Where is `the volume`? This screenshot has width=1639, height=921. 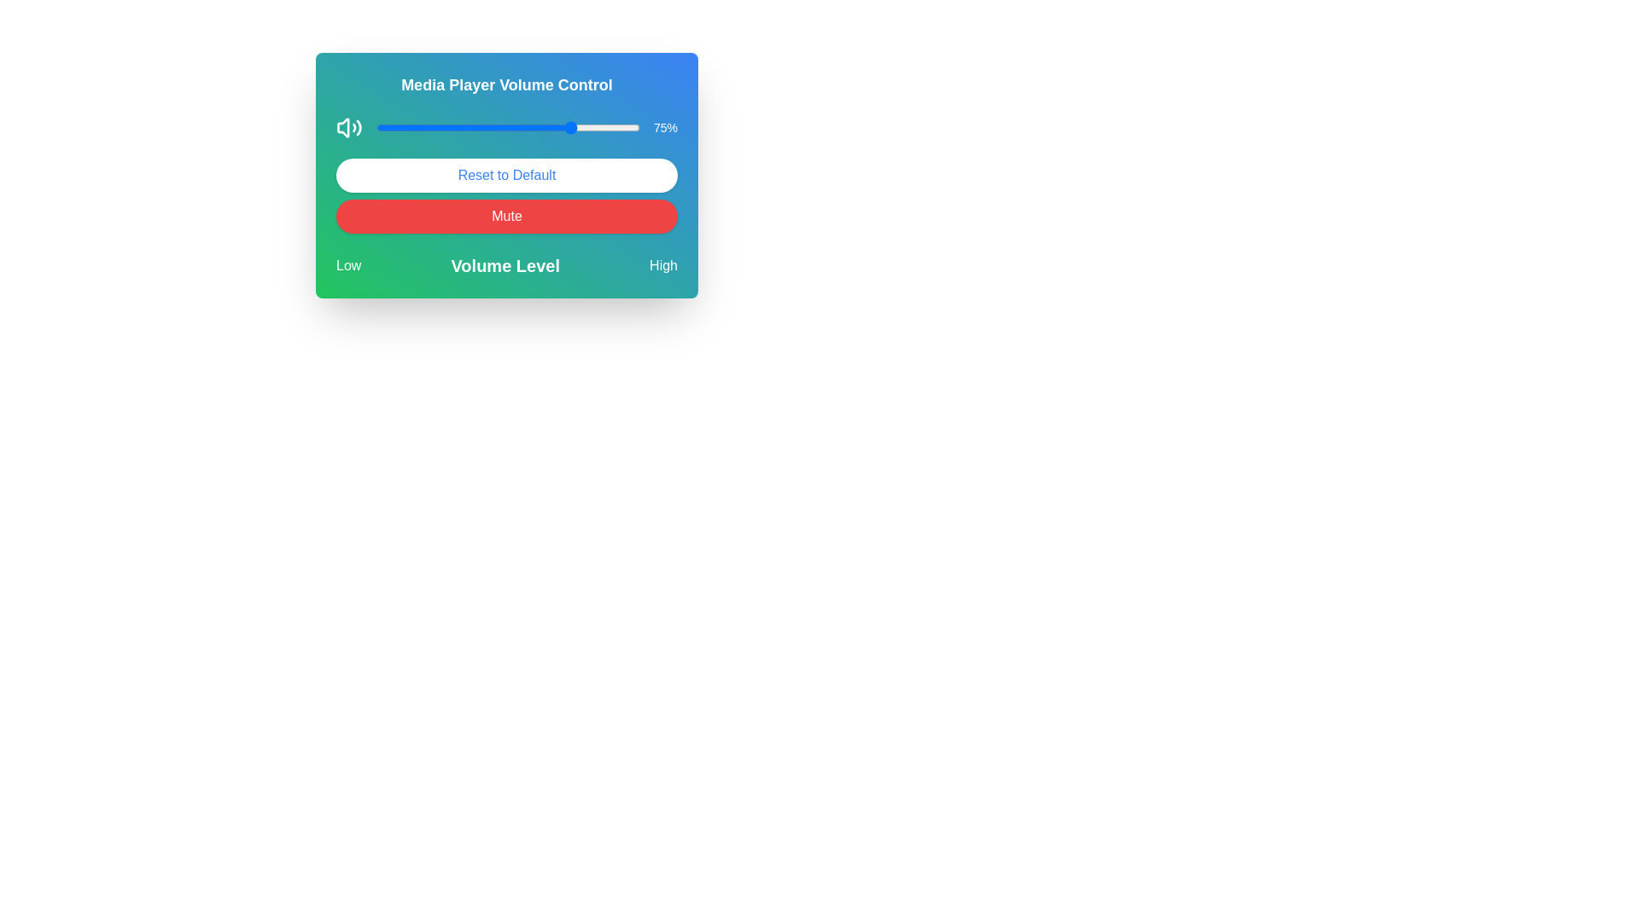
the volume is located at coordinates (434, 127).